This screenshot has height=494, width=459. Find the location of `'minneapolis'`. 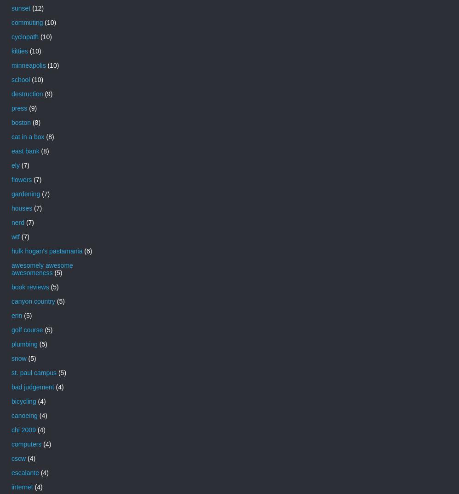

'minneapolis' is located at coordinates (11, 64).